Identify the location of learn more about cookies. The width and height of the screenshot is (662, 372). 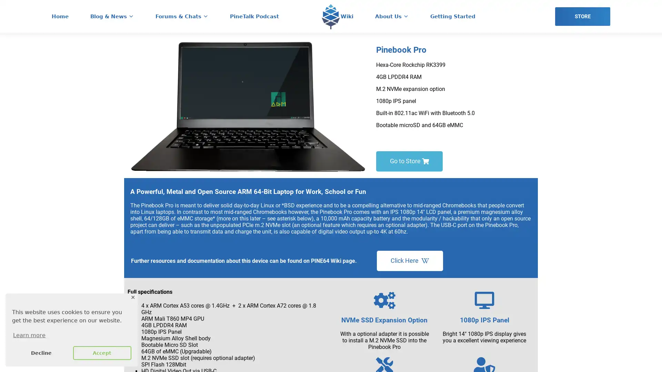
(71, 335).